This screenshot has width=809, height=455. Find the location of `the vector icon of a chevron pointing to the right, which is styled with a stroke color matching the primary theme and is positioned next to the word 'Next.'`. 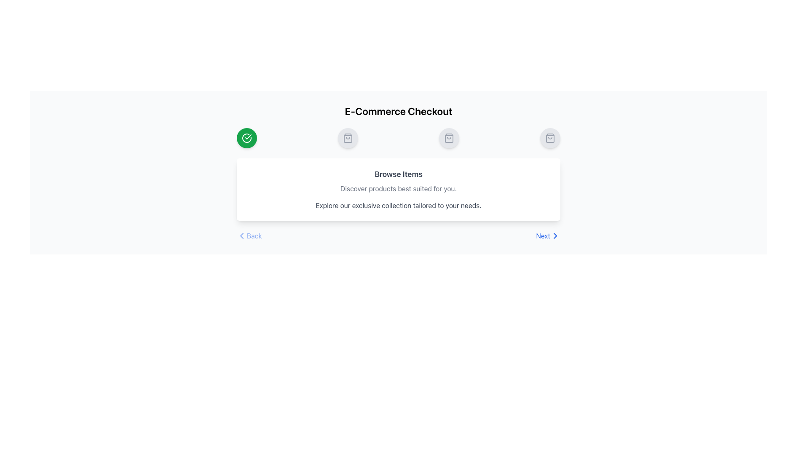

the vector icon of a chevron pointing to the right, which is styled with a stroke color matching the primary theme and is positioned next to the word 'Next.' is located at coordinates (555, 236).